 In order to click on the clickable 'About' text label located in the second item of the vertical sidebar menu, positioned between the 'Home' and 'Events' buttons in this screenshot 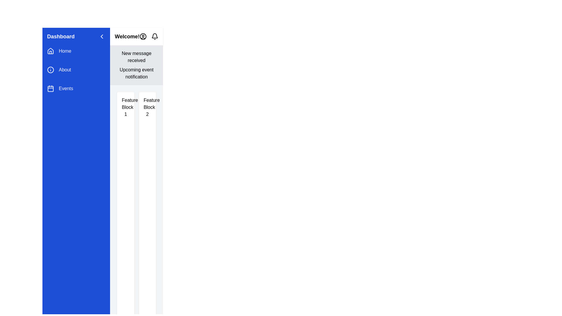, I will do `click(65, 70)`.